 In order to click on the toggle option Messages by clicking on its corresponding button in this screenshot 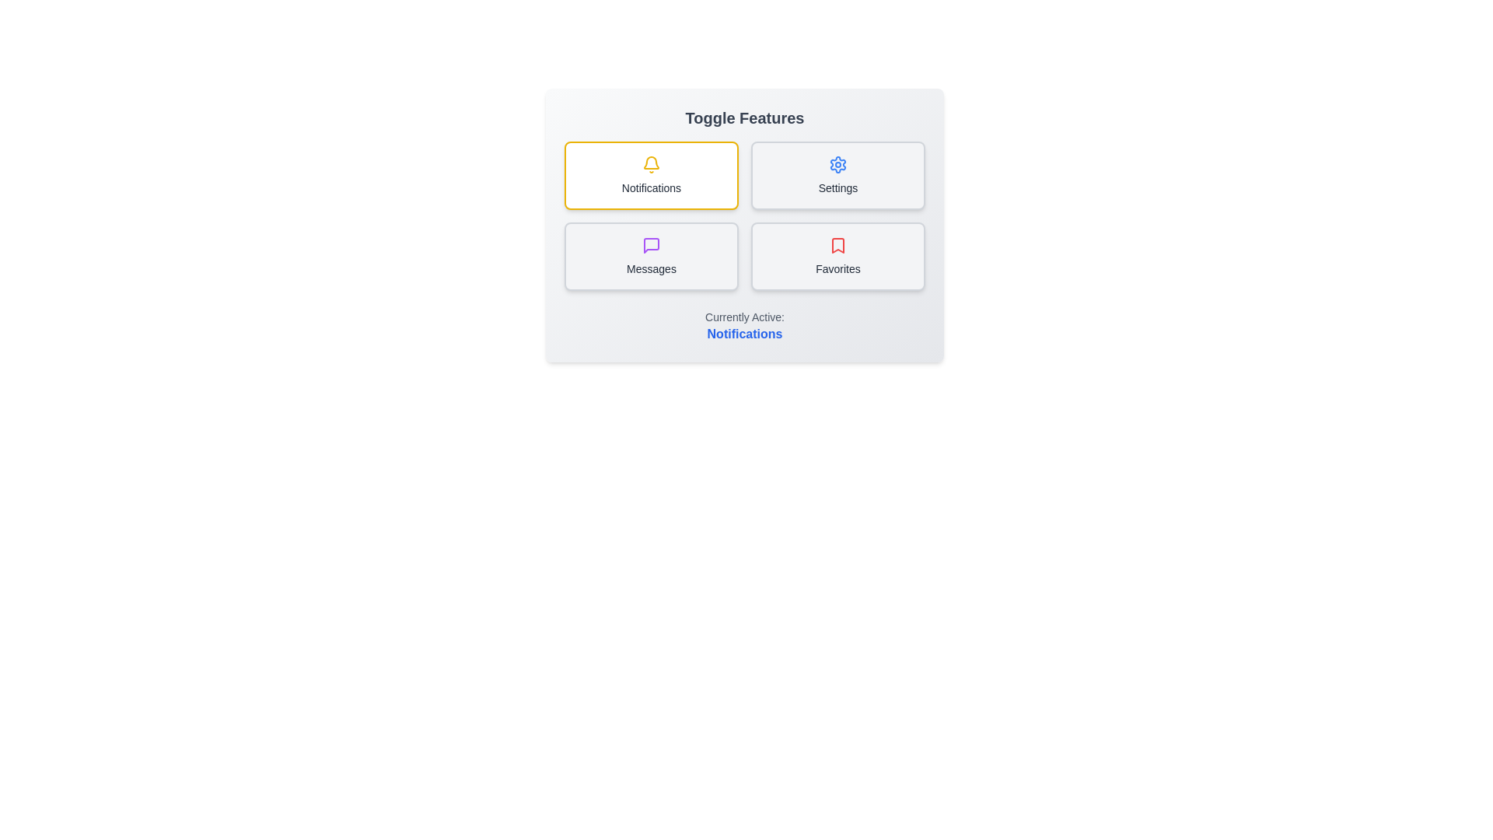, I will do `click(652, 256)`.